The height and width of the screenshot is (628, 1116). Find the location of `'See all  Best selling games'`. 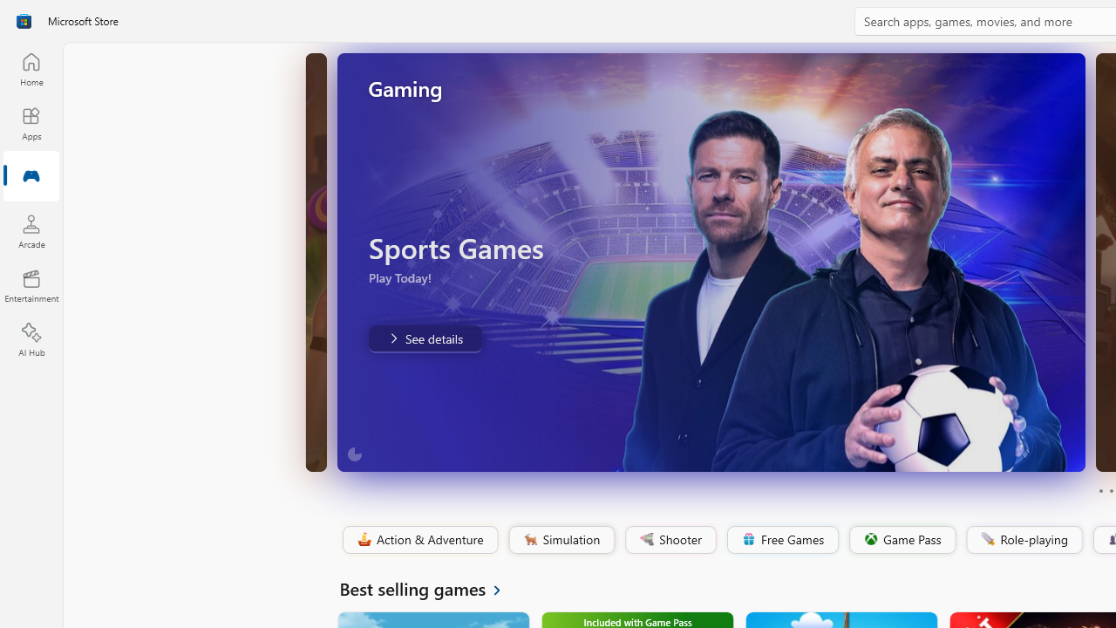

'See all  Best selling games' is located at coordinates (431, 589).